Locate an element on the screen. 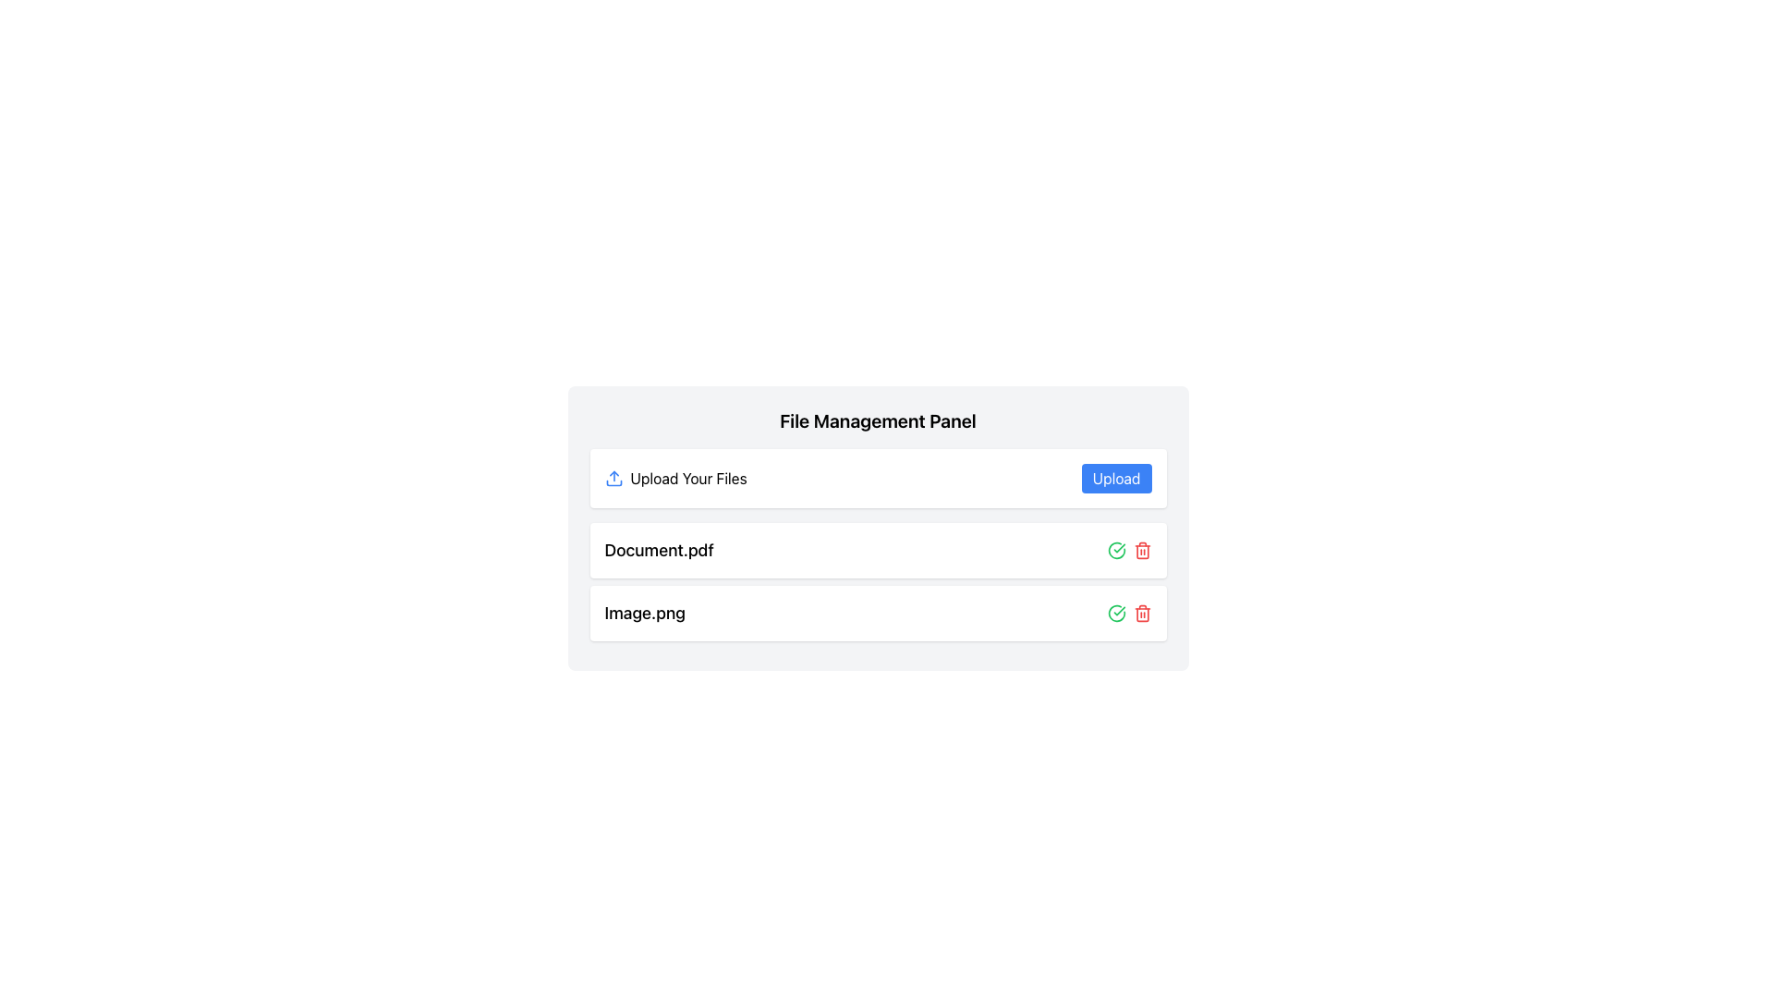  the upload icon is located at coordinates (614, 477).